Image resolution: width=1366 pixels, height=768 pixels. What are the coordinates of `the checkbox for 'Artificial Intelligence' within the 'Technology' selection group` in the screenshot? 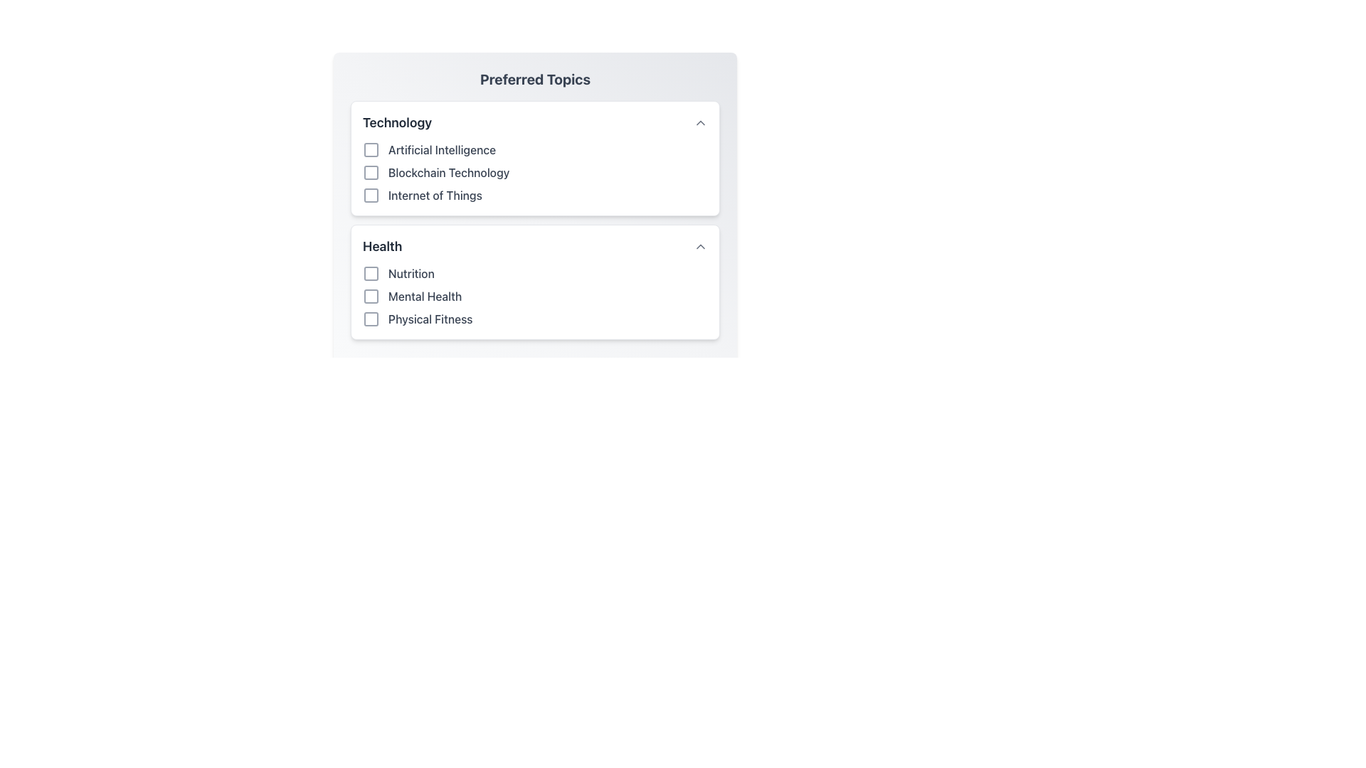 It's located at (534, 159).